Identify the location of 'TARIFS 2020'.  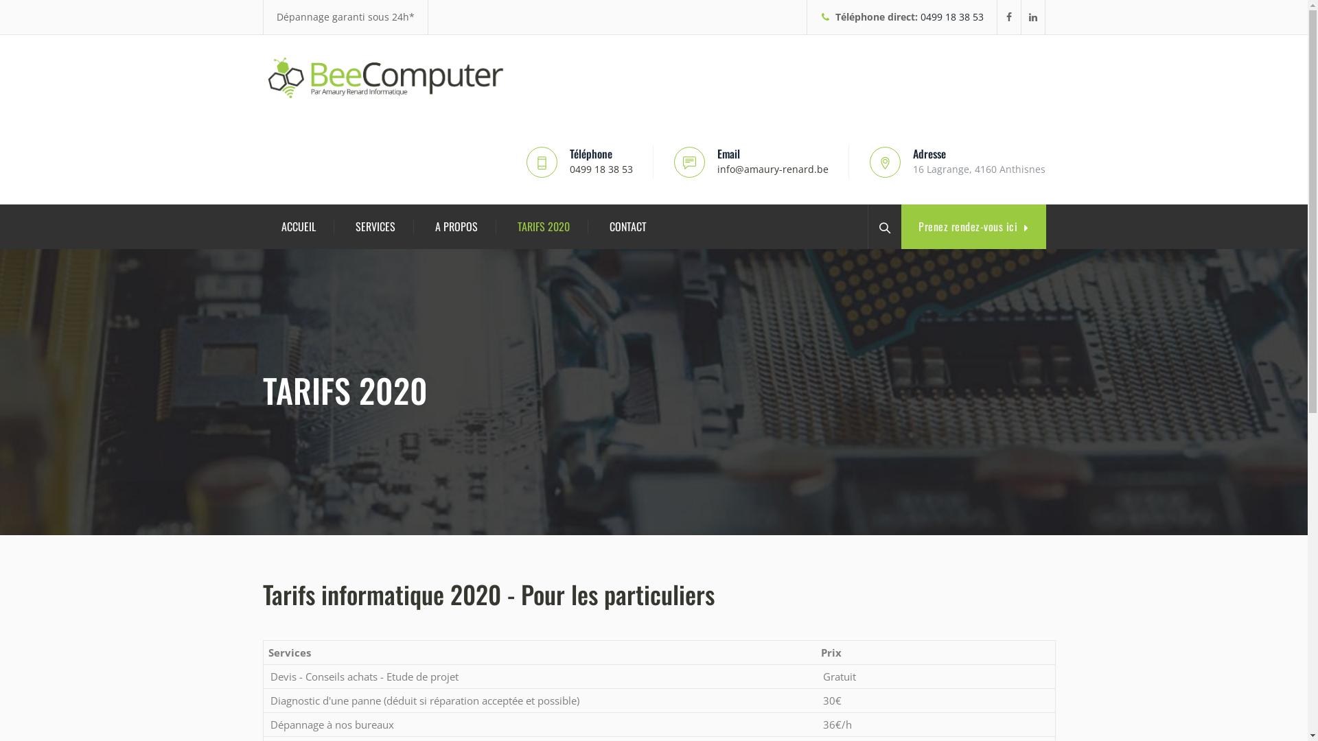
(543, 226).